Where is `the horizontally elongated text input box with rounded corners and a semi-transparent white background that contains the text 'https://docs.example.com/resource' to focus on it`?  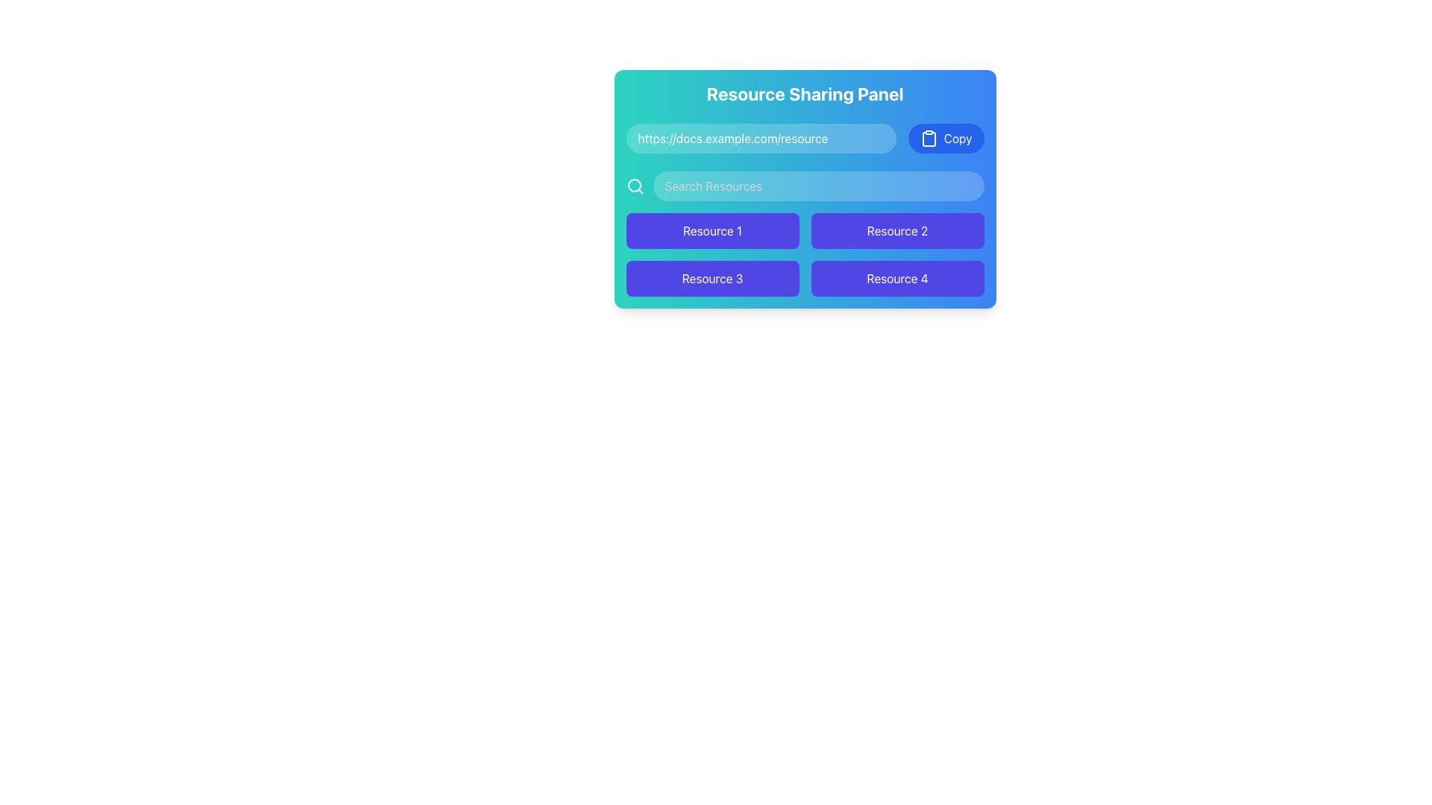 the horizontally elongated text input box with rounded corners and a semi-transparent white background that contains the text 'https://docs.example.com/resource' to focus on it is located at coordinates (760, 138).